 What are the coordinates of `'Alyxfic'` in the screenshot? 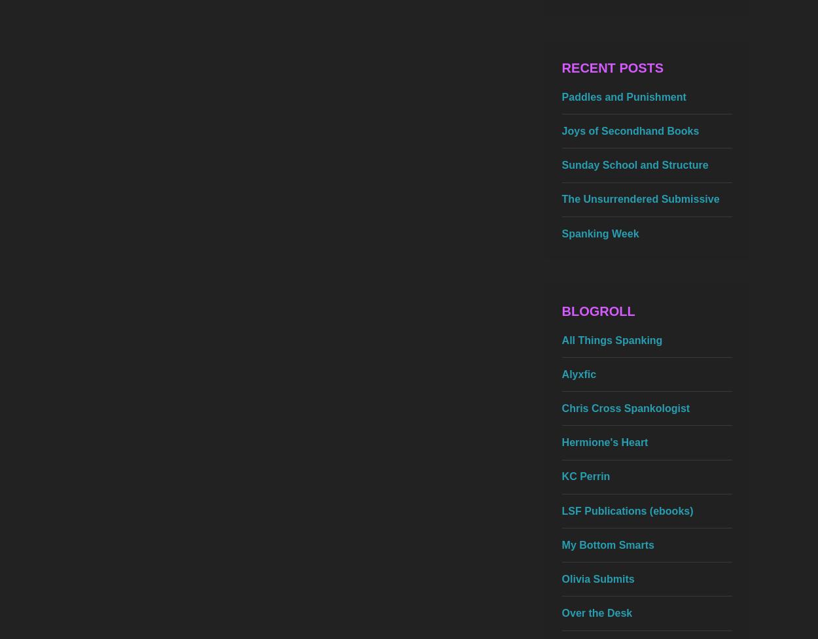 It's located at (561, 373).